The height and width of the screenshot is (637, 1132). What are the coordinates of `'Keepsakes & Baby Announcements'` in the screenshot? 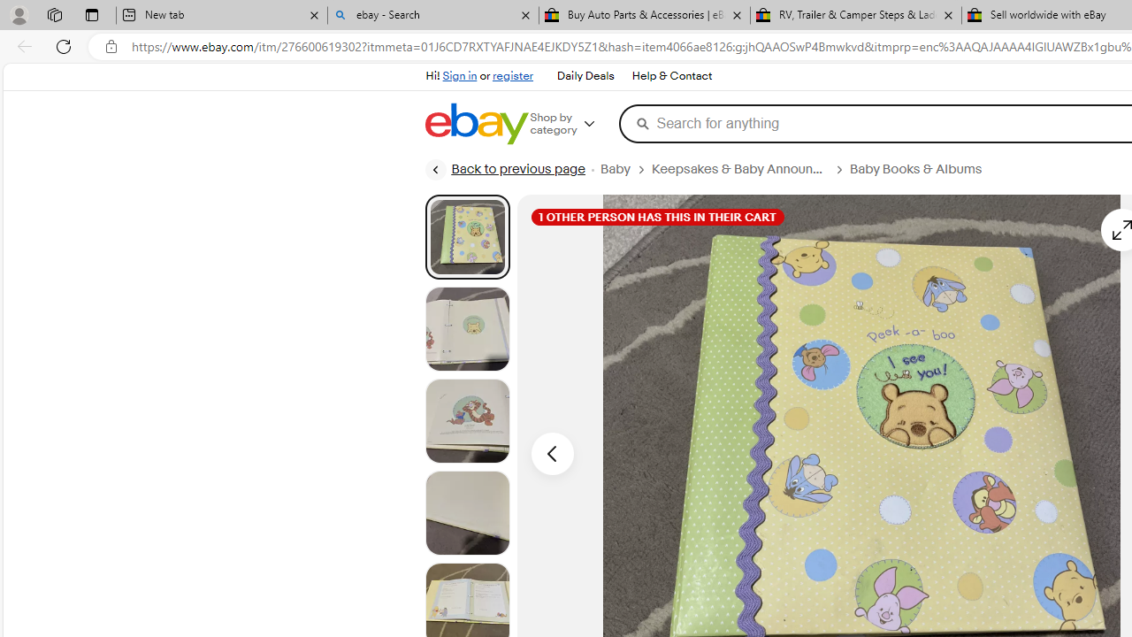 It's located at (739, 169).